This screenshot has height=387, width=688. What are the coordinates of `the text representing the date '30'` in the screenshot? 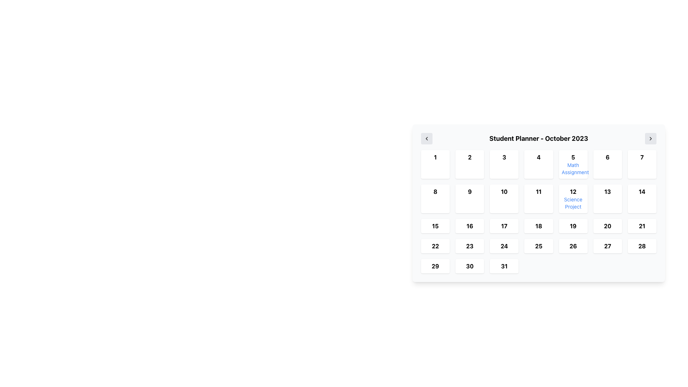 It's located at (470, 266).